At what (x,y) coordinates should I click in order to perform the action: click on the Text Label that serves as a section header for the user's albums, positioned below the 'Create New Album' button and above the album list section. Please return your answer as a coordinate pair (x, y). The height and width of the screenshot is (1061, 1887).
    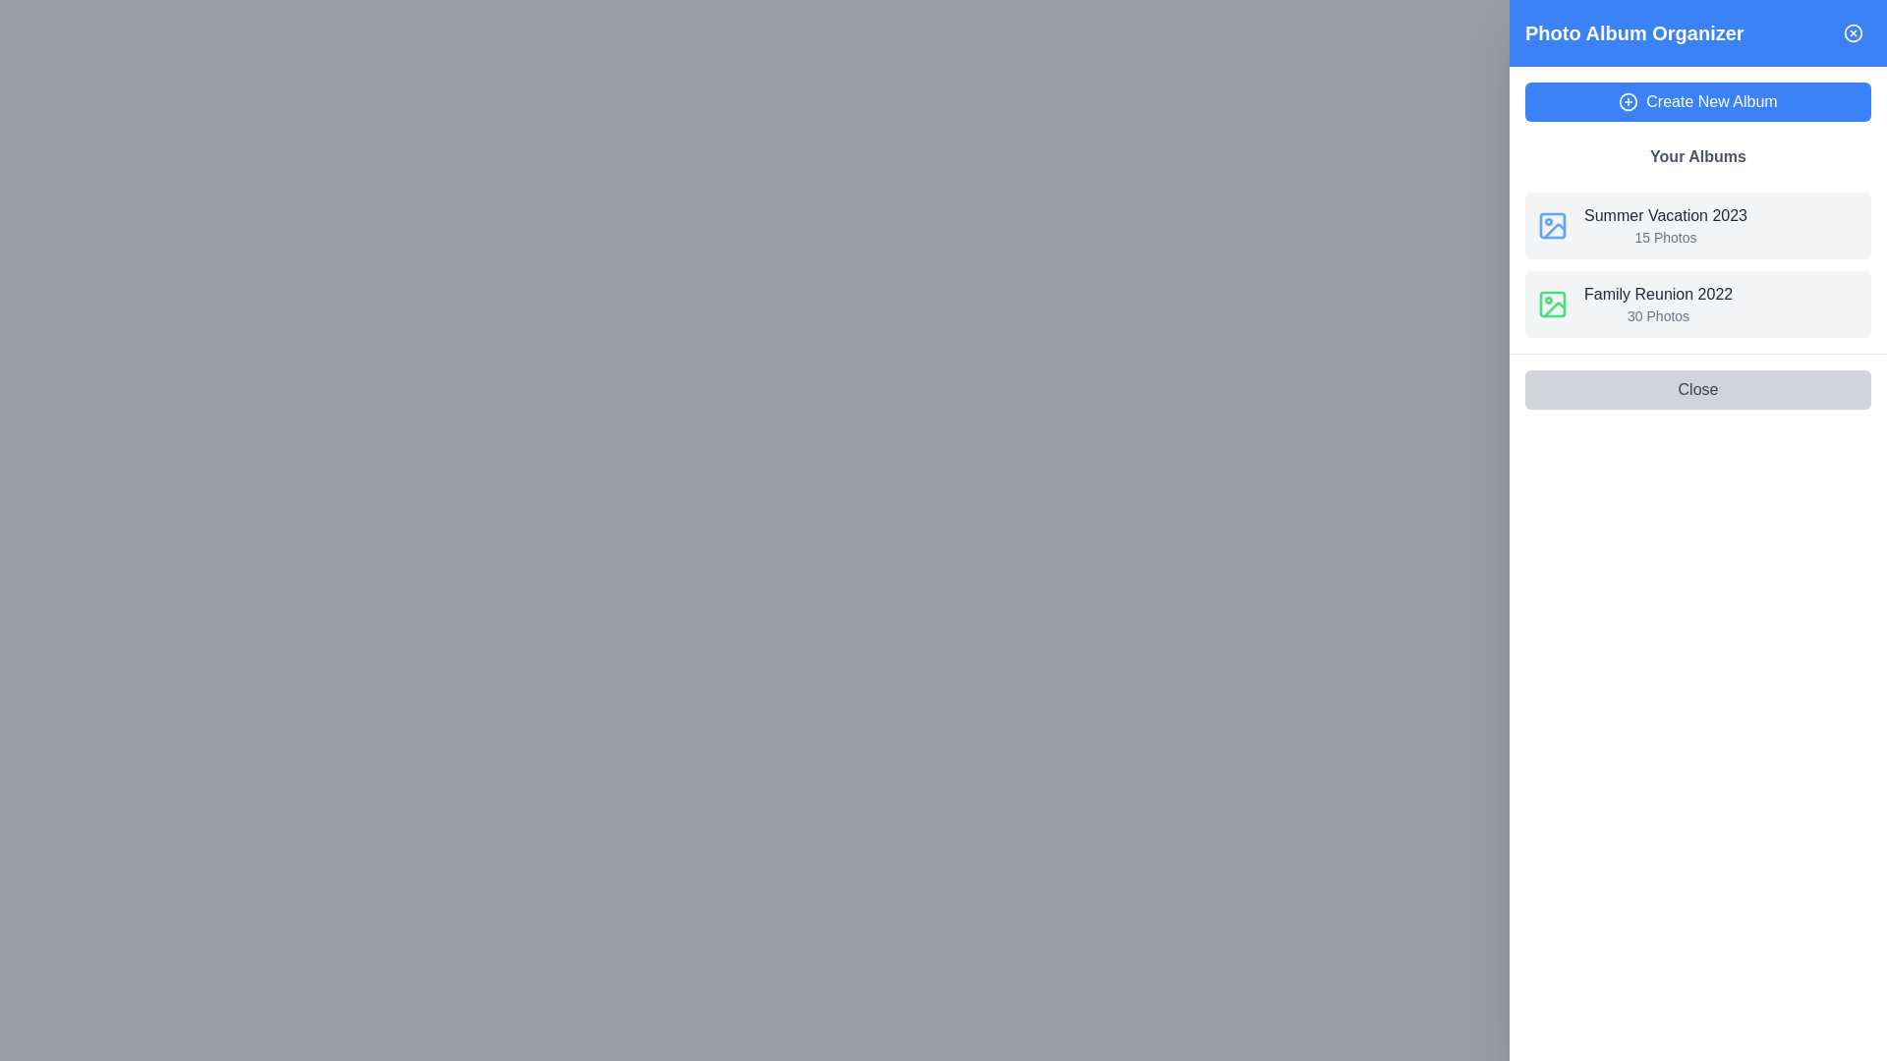
    Looking at the image, I should click on (1697, 155).